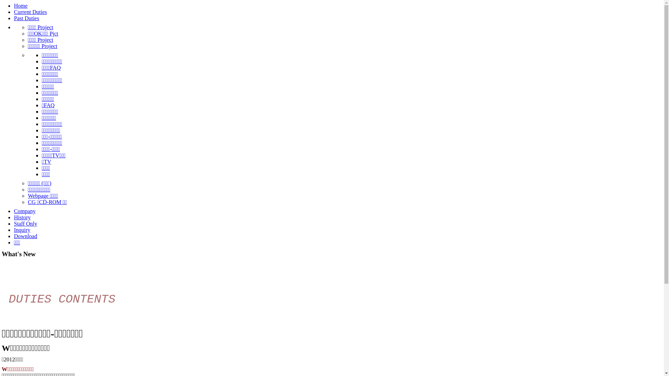 Image resolution: width=669 pixels, height=376 pixels. Describe the element at coordinates (25, 211) in the screenshot. I see `'Company'` at that location.